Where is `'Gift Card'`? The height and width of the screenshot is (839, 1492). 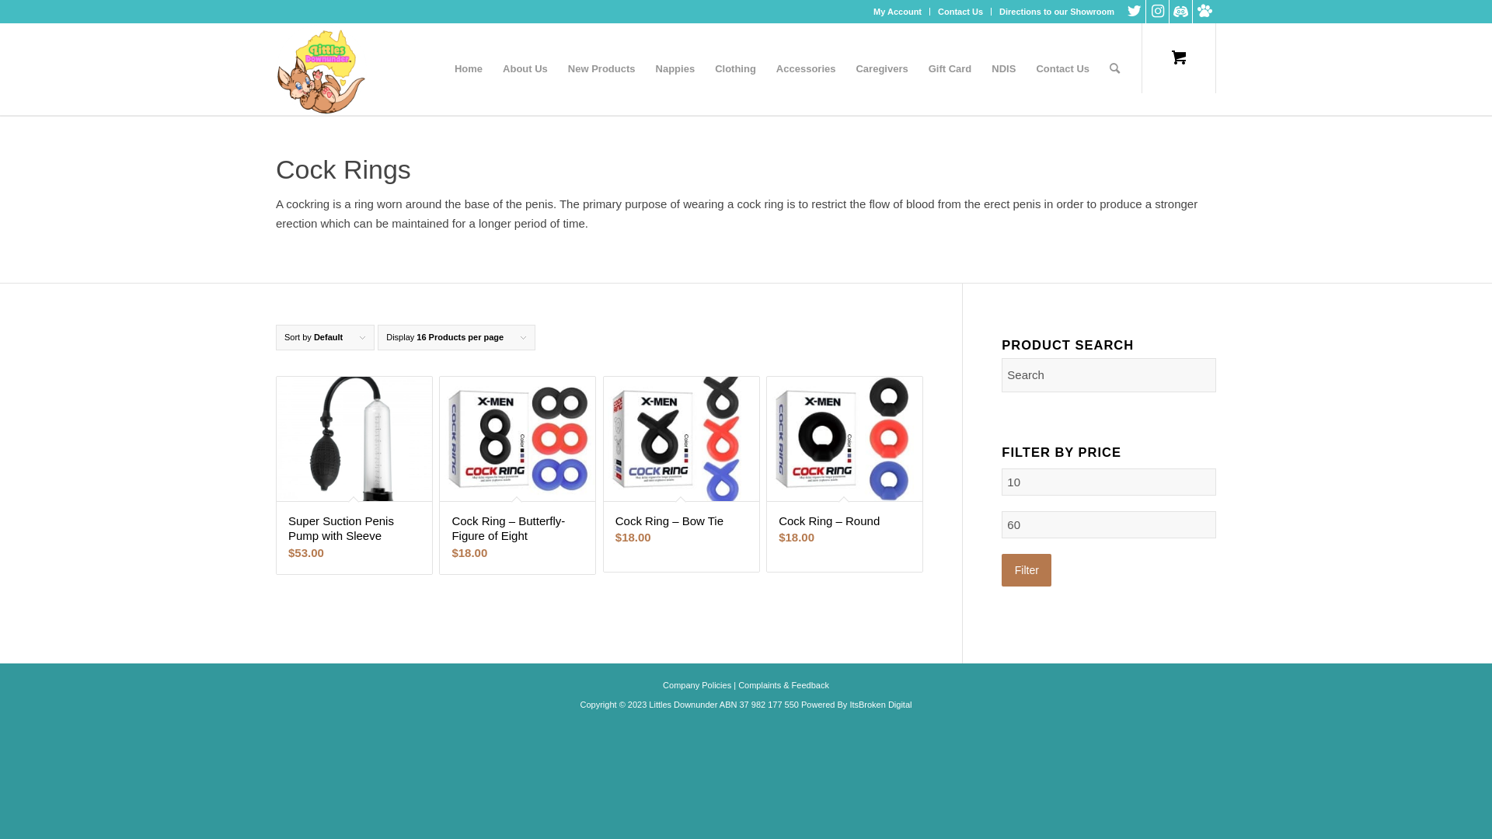 'Gift Card' is located at coordinates (950, 68).